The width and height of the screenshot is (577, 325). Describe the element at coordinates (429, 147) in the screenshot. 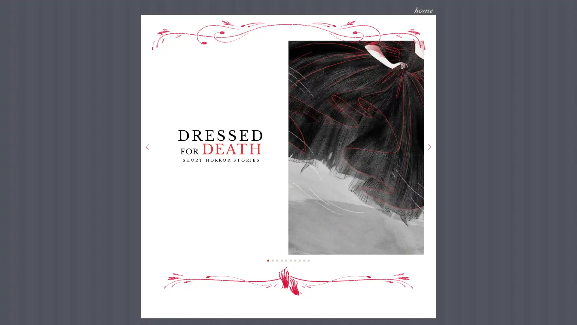

I see `Next` at that location.